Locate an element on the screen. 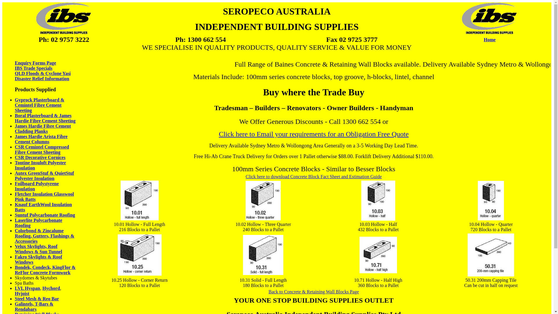  'James Hardie Fibre Cement Cladding Planks' is located at coordinates (42, 128).